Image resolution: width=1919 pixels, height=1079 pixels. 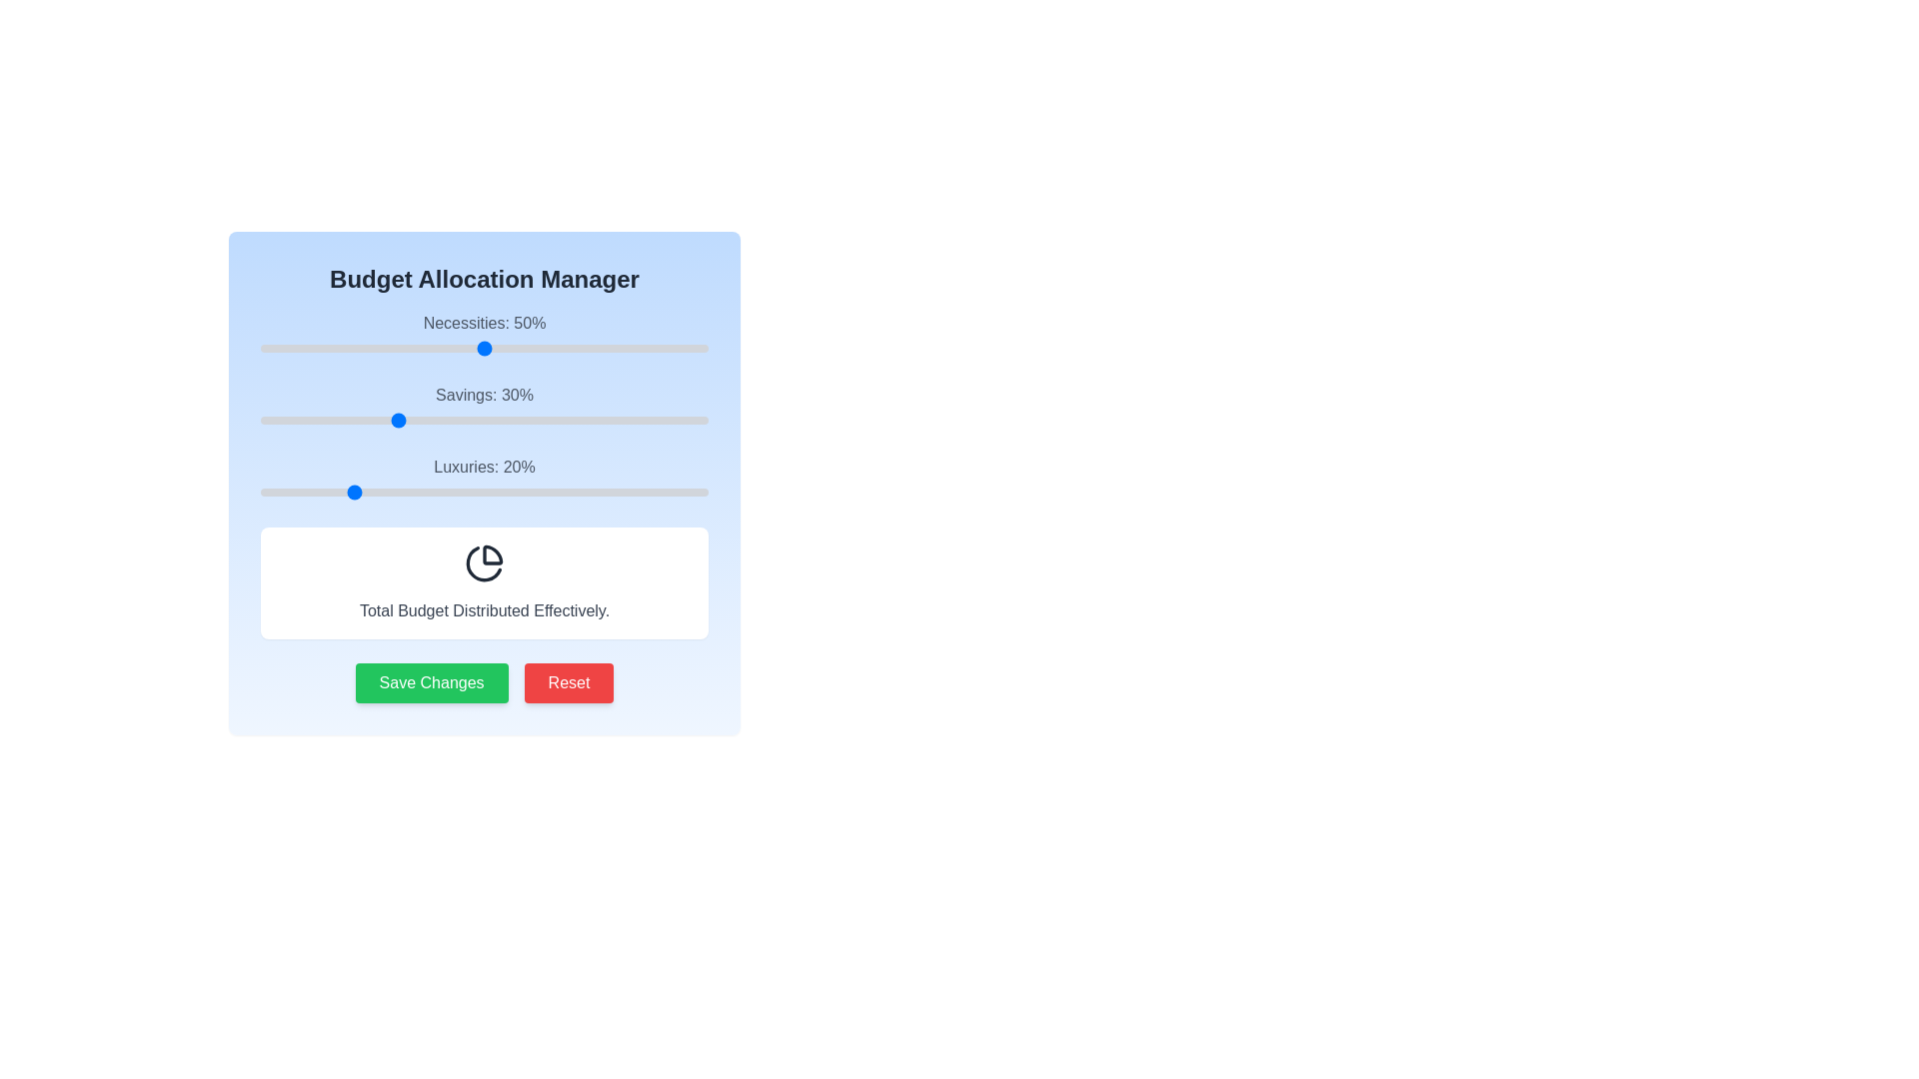 What do you see at coordinates (300, 419) in the screenshot?
I see `the savings percentage` at bounding box center [300, 419].